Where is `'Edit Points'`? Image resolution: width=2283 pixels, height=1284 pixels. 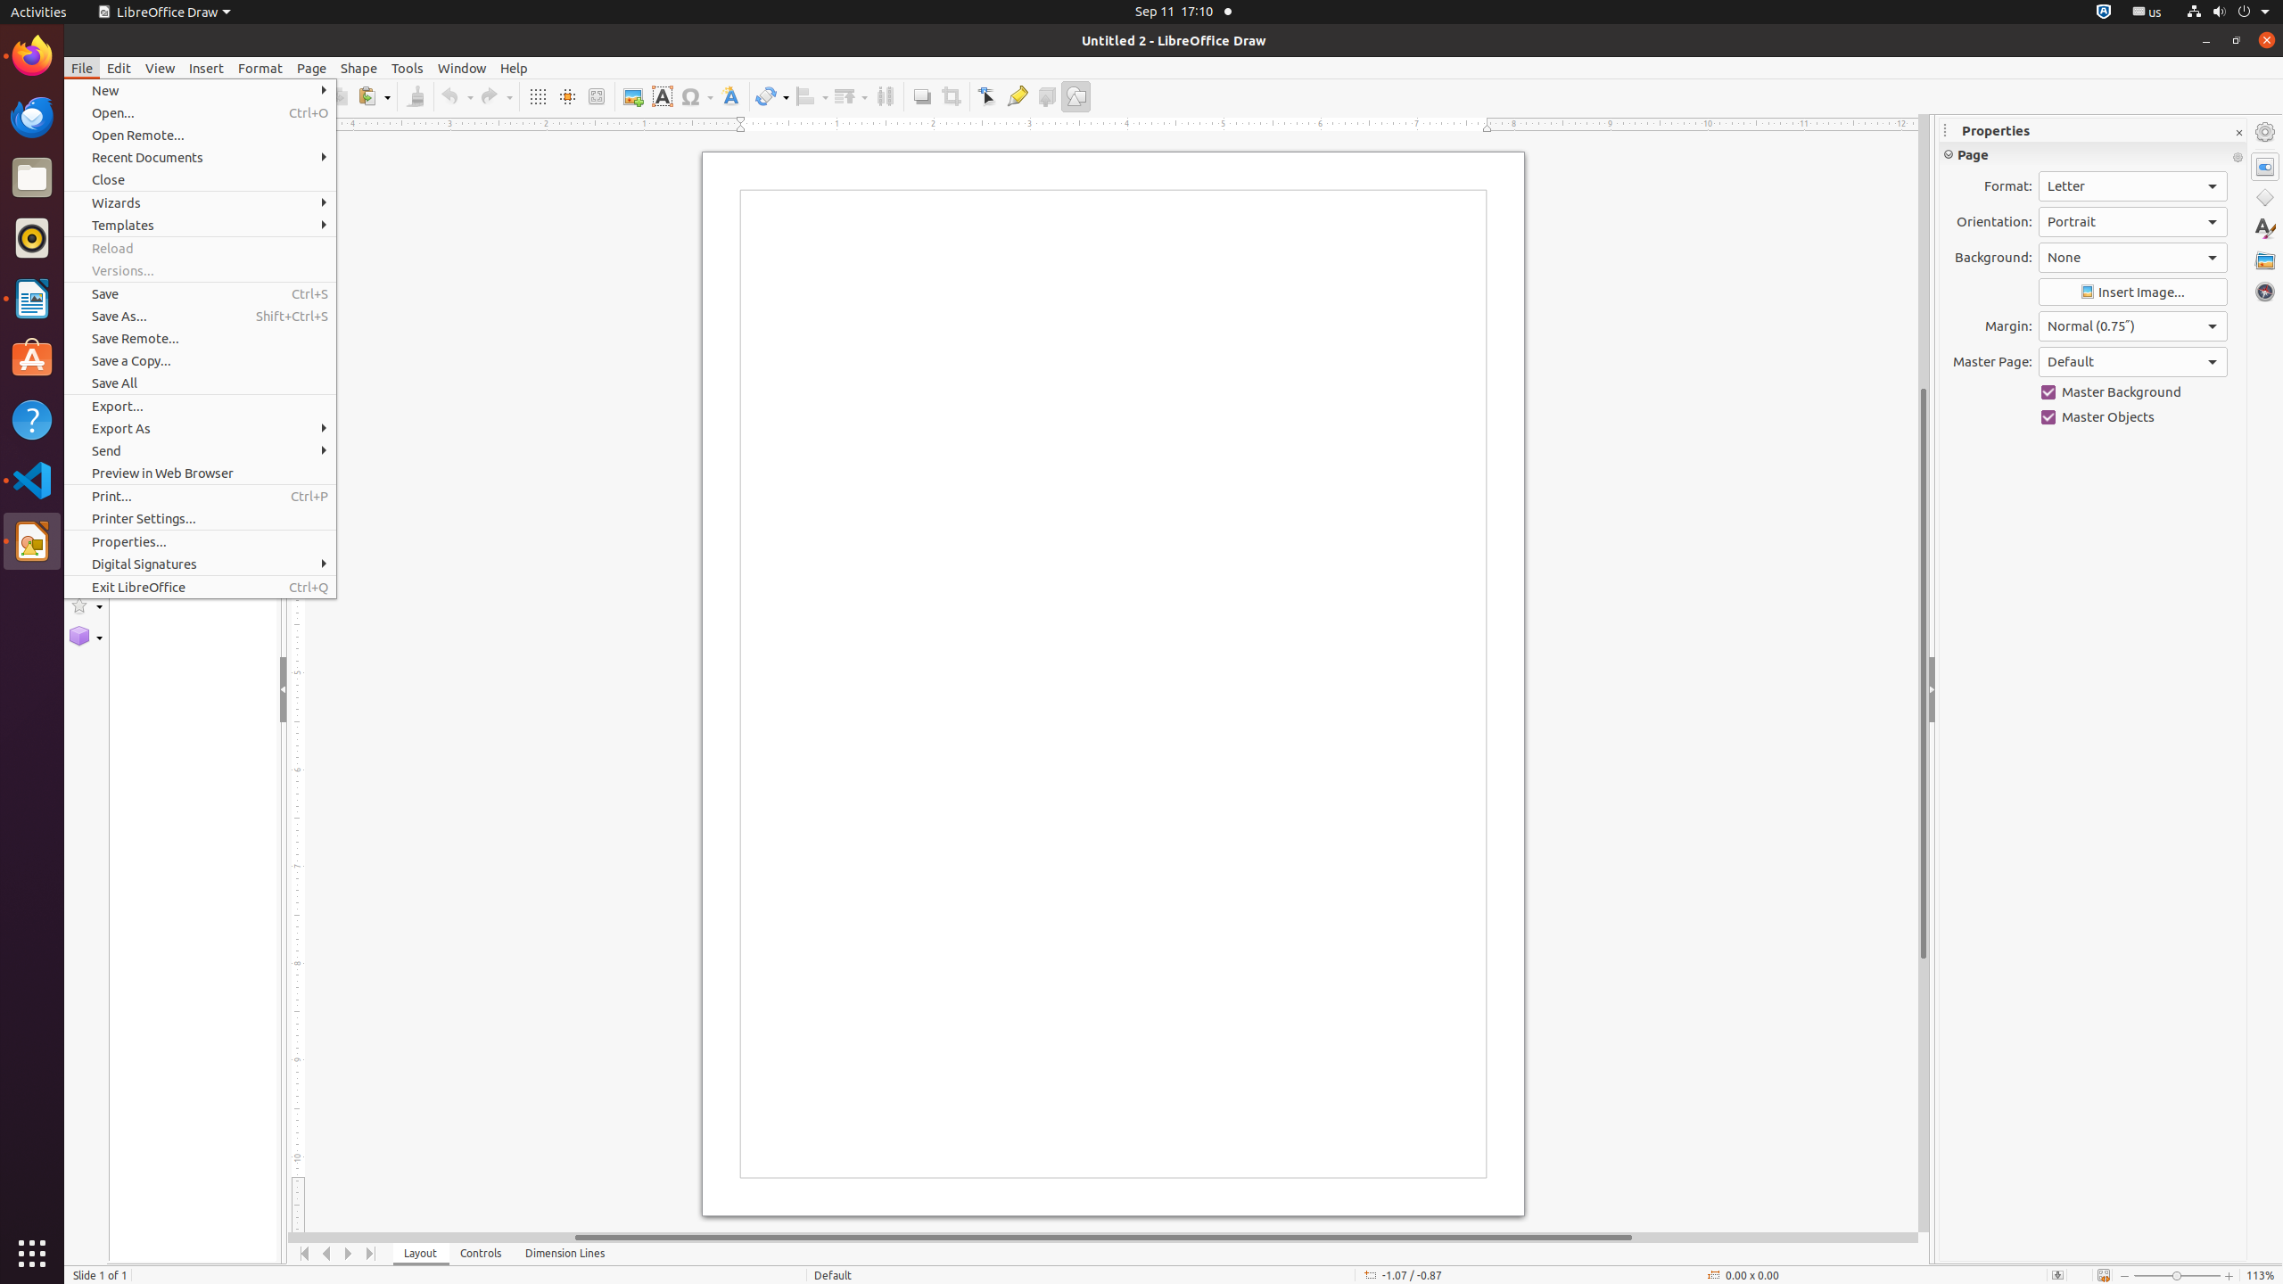 'Edit Points' is located at coordinates (986, 95).